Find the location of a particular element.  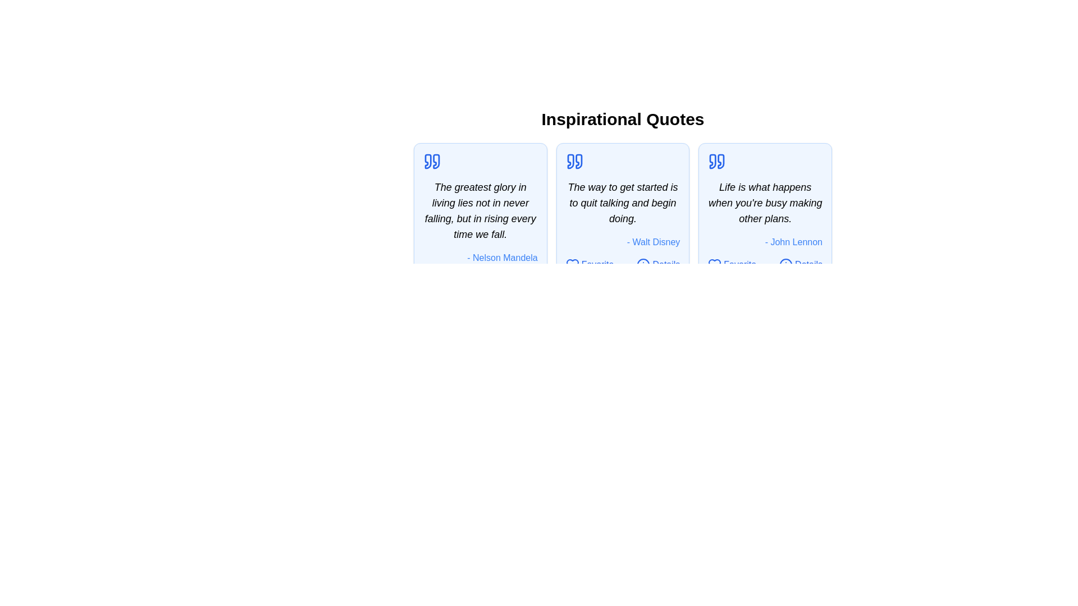

the left half of the blue SVG quotation mark icon within the first quote card is located at coordinates (427, 162).